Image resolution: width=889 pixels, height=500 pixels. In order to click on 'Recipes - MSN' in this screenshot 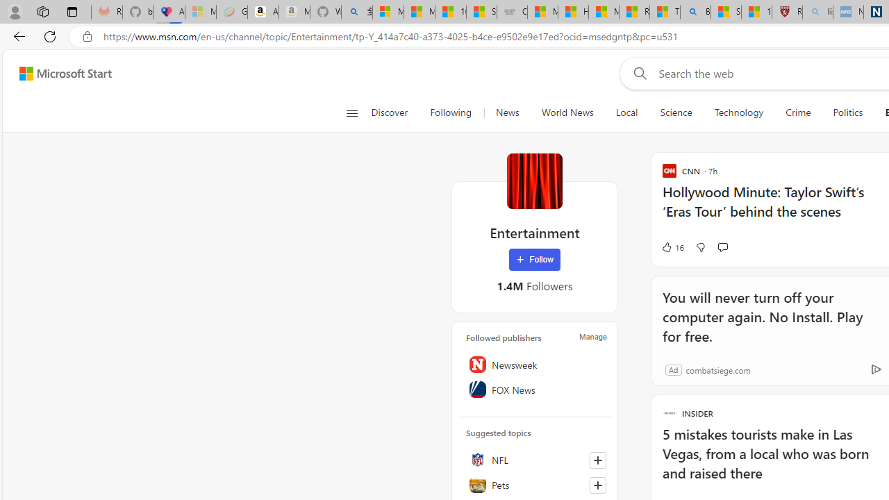, I will do `click(633, 12)`.